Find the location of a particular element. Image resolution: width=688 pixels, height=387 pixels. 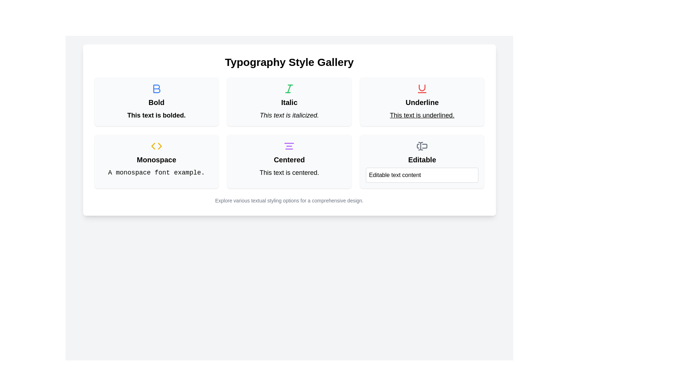

the Line component of the italic text styling icon, which is located in the second column of the top row of the interface is located at coordinates (289, 88).